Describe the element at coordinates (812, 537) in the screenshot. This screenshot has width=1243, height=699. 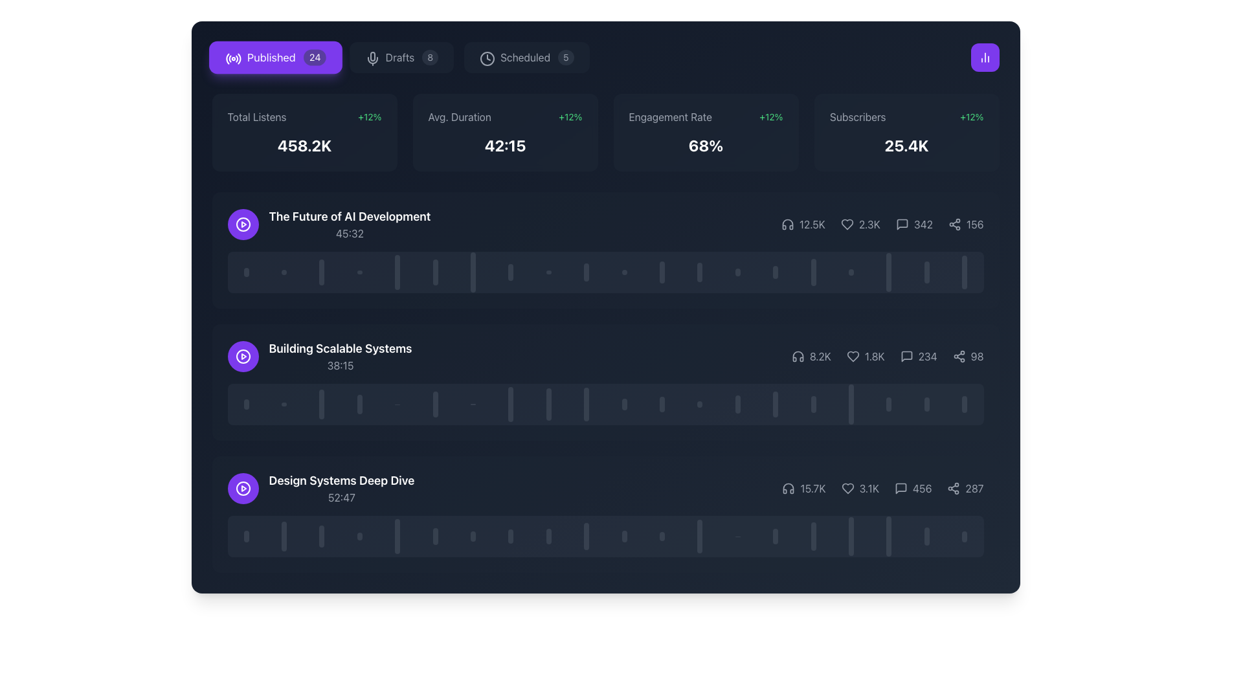
I see `the seventeenth vertical visual indicator bar in the last content row of the segmented interface, which serves as a visual representation of a specific time slot or data point` at that location.